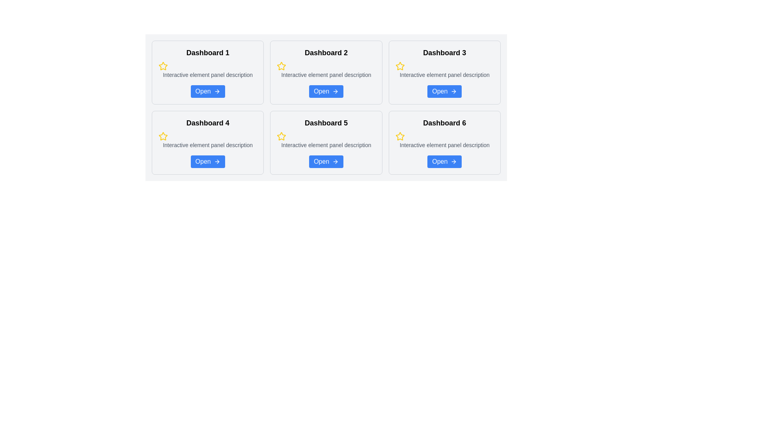 This screenshot has width=757, height=426. I want to click on the 'Open' button with a blue background and white text located in the bottom-right corner of the 'Dashboard 5' panel, so click(326, 161).